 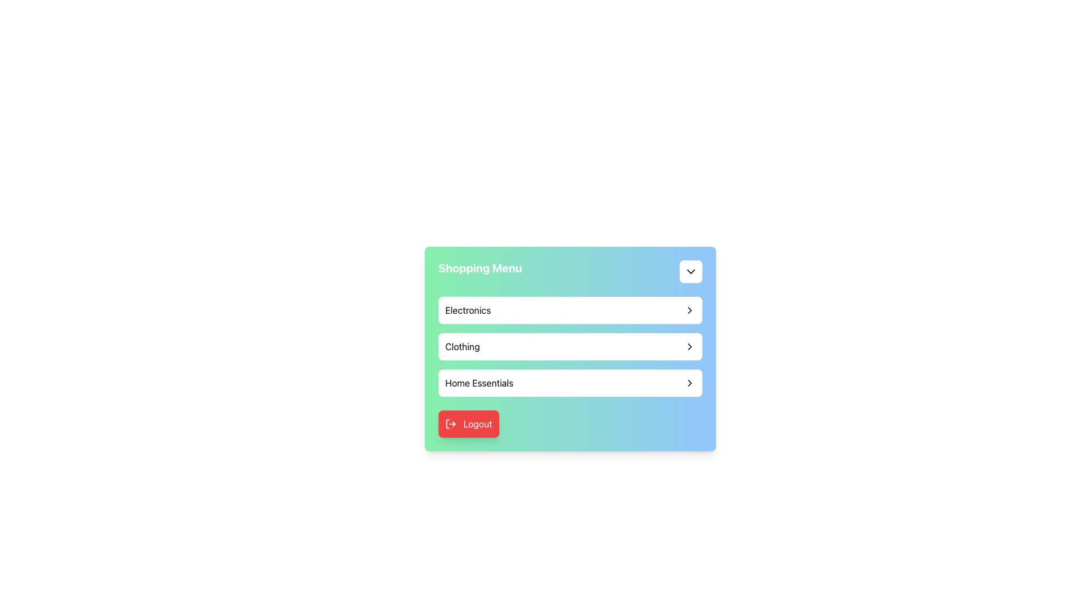 I want to click on the right-facing chevron icon associated with the 'Clothing' list item to get visual feedback, so click(x=689, y=346).